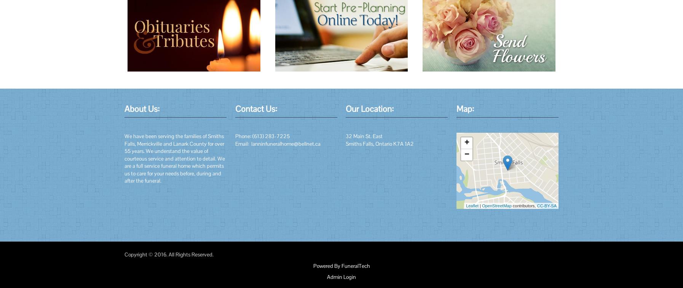  What do you see at coordinates (341, 266) in the screenshot?
I see `'Powered By FuneralTech'` at bounding box center [341, 266].